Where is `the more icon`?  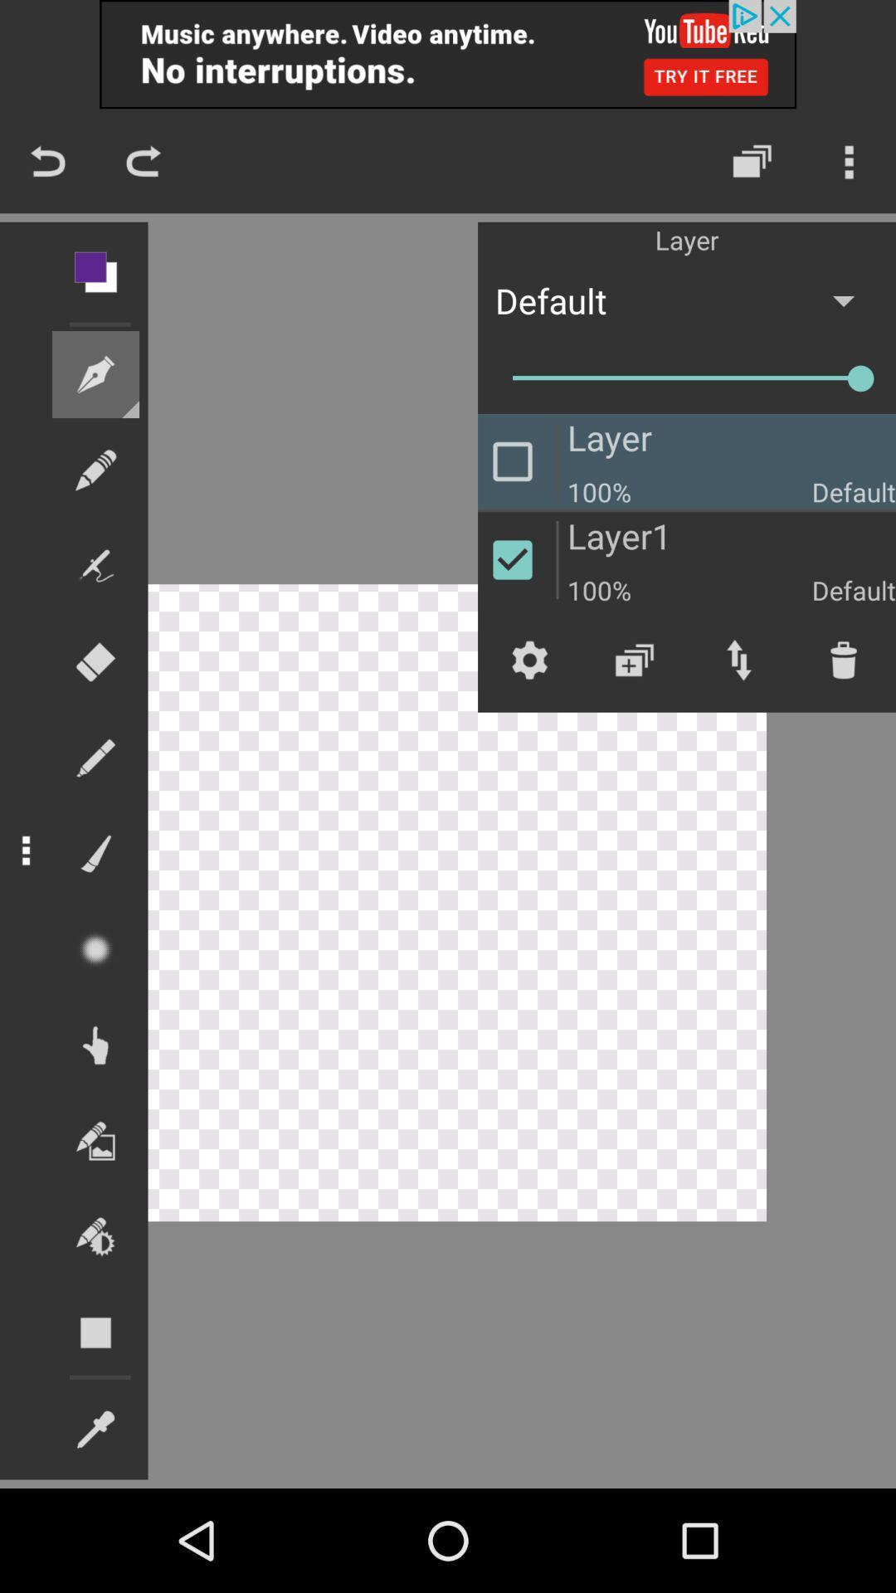 the more icon is located at coordinates (26, 850).